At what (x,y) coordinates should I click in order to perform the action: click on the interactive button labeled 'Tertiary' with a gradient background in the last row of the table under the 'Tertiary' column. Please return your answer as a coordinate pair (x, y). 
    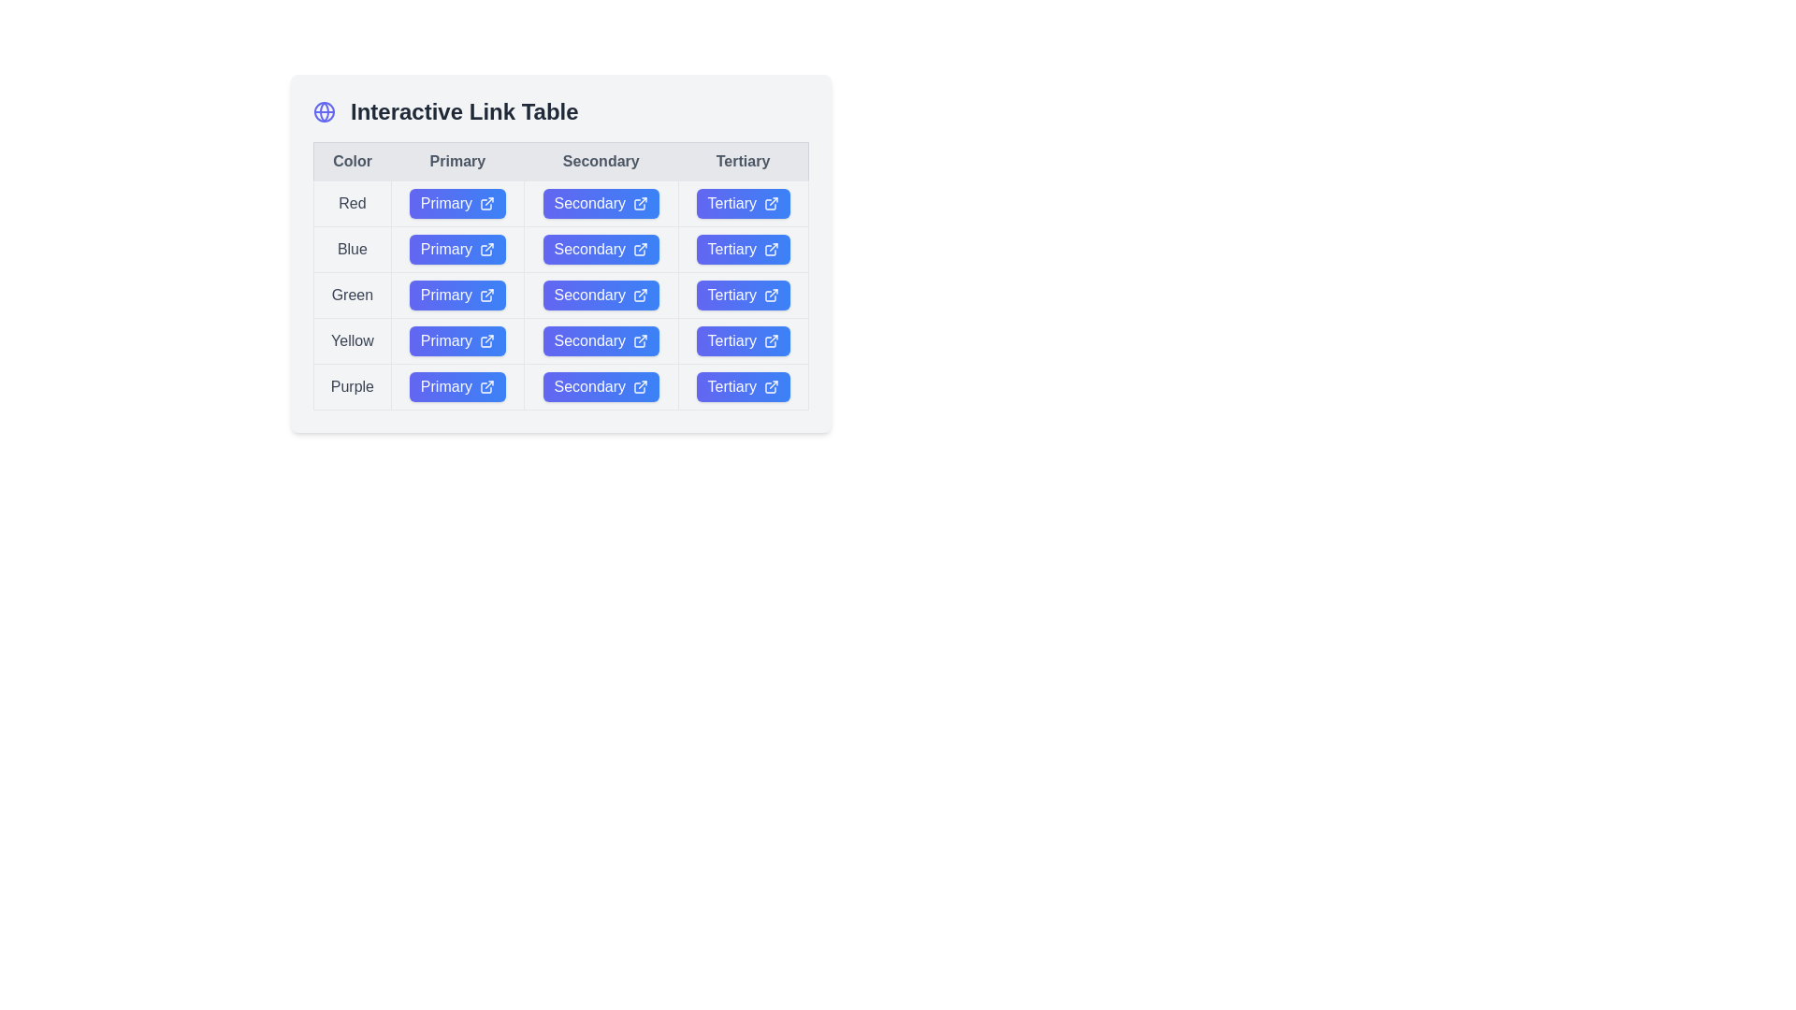
    Looking at the image, I should click on (742, 385).